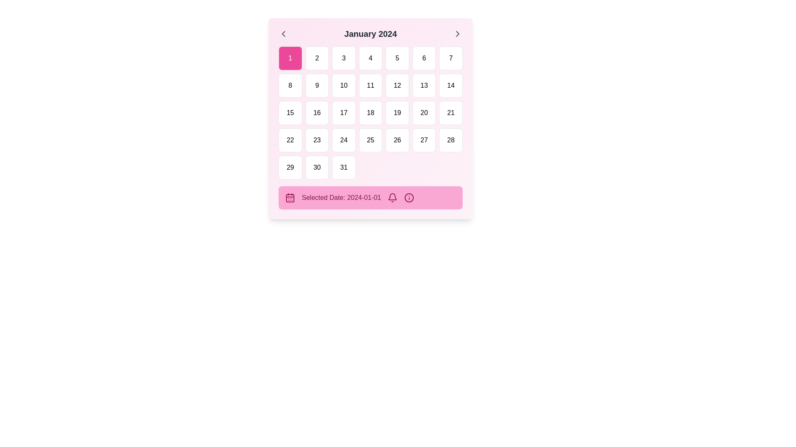 Image resolution: width=796 pixels, height=447 pixels. What do you see at coordinates (370, 113) in the screenshot?
I see `the rectangular button labeled '18' with a white background` at bounding box center [370, 113].